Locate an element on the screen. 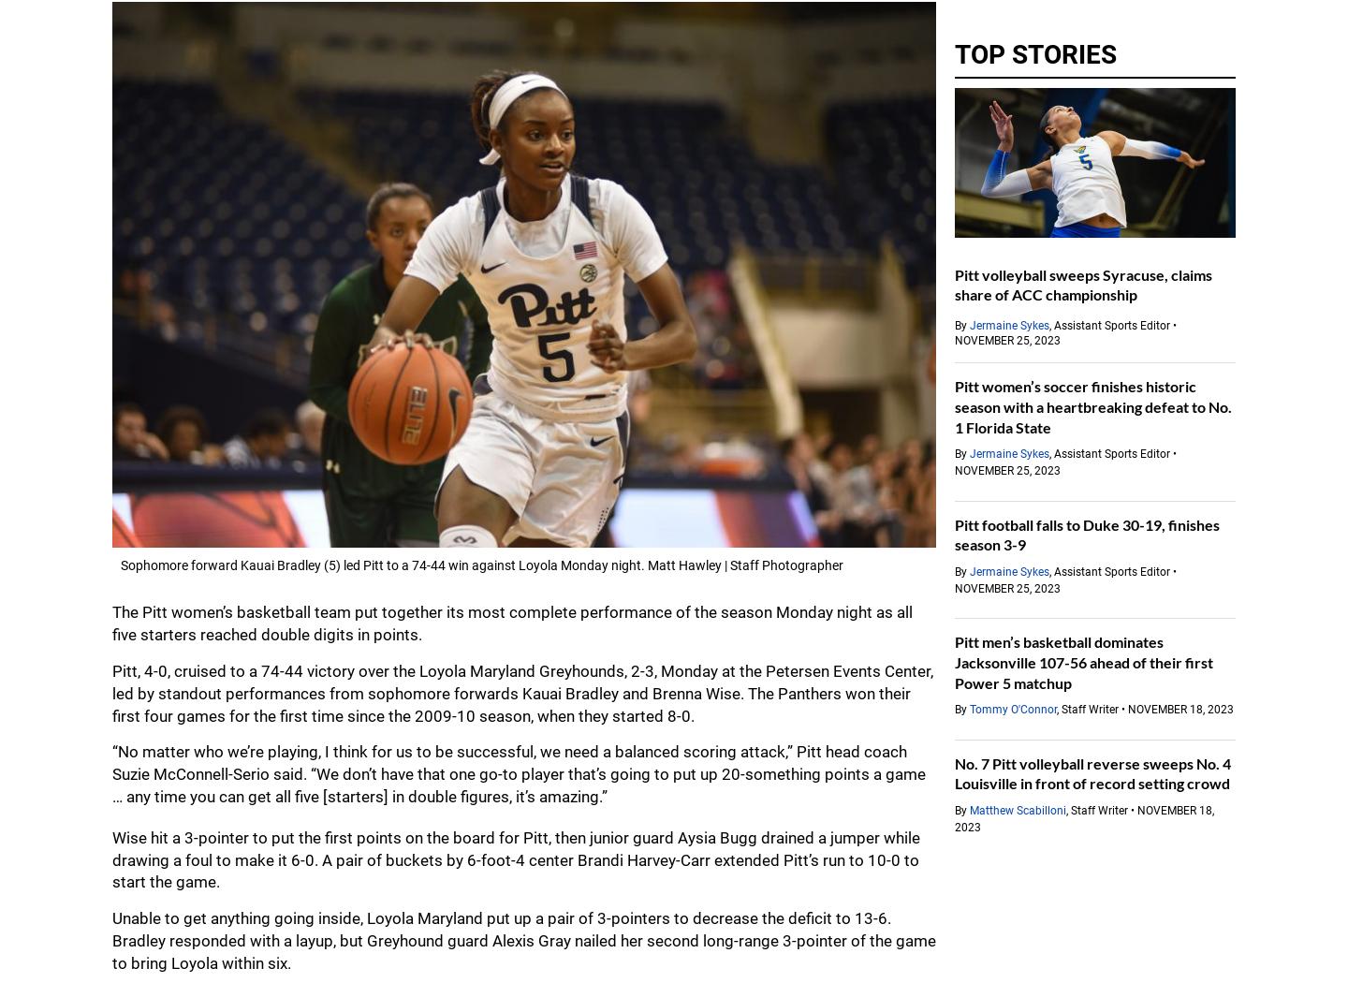 The height and width of the screenshot is (983, 1348). 'No. 7 Pitt volleyball reverse sweeps No. 4 Louisville in front of record setting crowd' is located at coordinates (1092, 772).